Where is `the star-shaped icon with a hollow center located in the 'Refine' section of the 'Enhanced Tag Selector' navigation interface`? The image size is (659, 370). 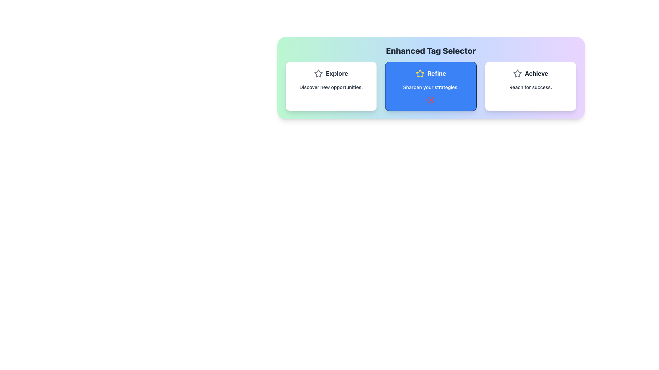
the star-shaped icon with a hollow center located in the 'Refine' section of the 'Enhanced Tag Selector' navigation interface is located at coordinates (518, 73).